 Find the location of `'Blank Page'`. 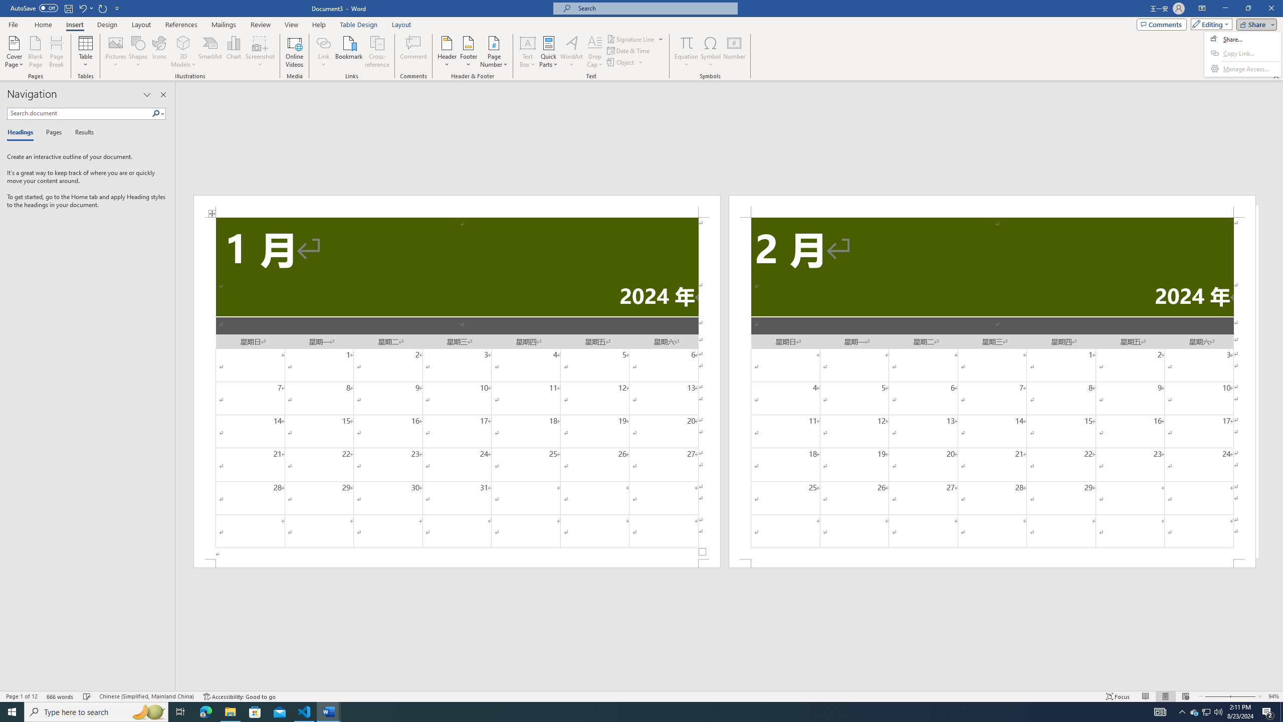

'Blank Page' is located at coordinates (35, 52).